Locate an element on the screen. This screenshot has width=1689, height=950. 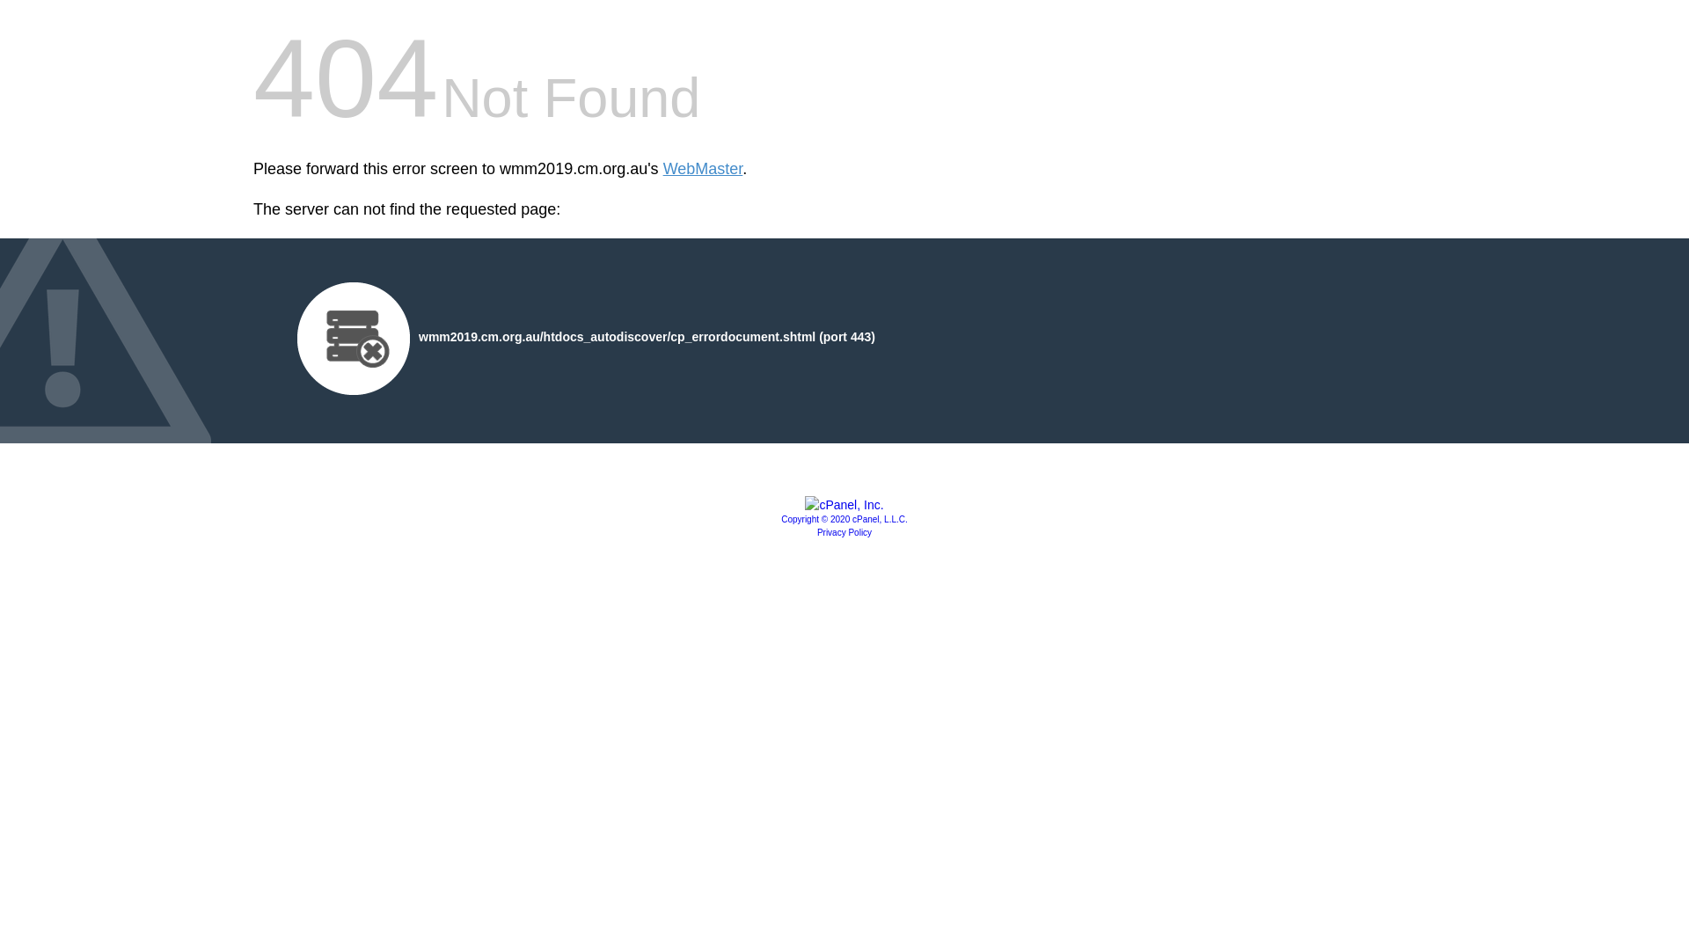
'WebMaster' is located at coordinates (702, 169).